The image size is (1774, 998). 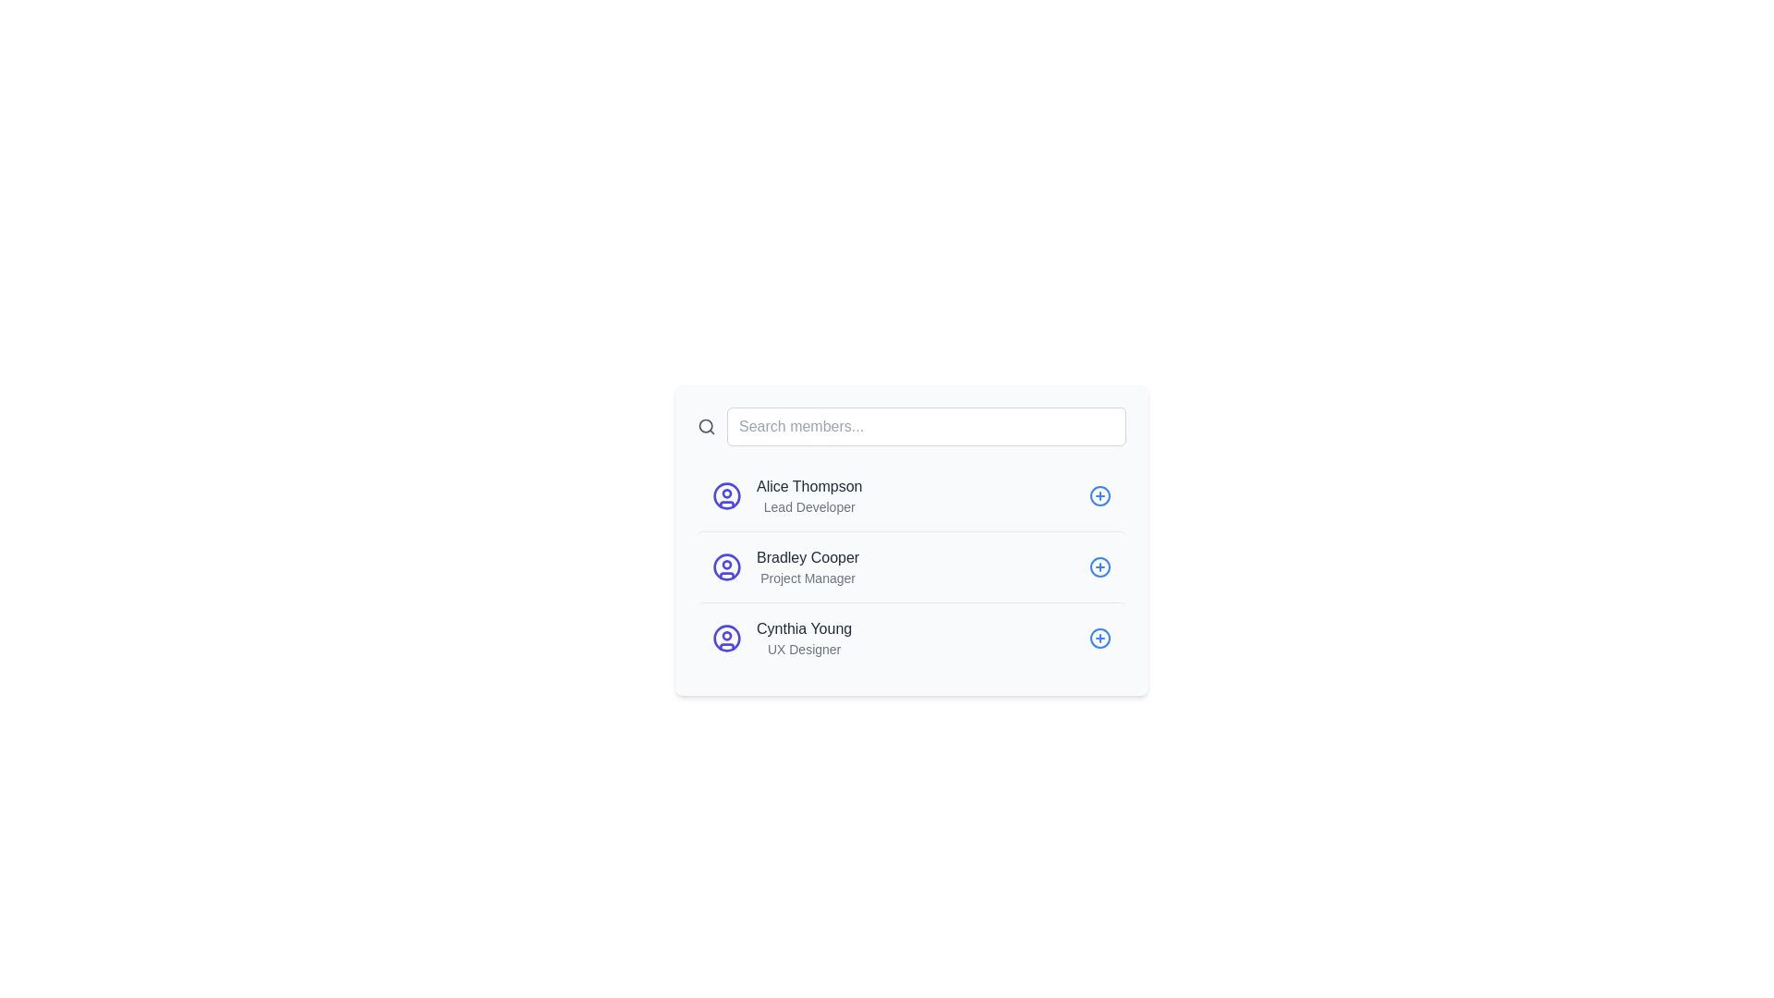 What do you see at coordinates (726, 566) in the screenshot?
I see `the outer circle of the user icon representing 'Bradley Cooper' in the second row of the list` at bounding box center [726, 566].